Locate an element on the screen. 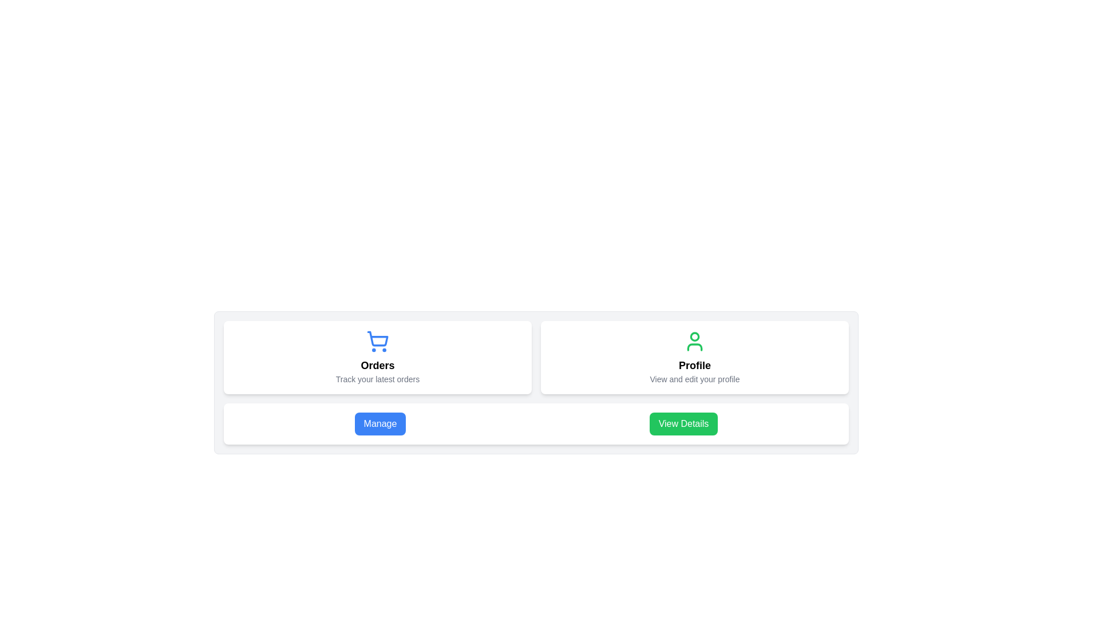 The height and width of the screenshot is (618, 1099). the user profile icon, which is a minimalistic green icon with a rounded head and half-oval body, located at the top-center of the 'Profile' card is located at coordinates (694, 341).